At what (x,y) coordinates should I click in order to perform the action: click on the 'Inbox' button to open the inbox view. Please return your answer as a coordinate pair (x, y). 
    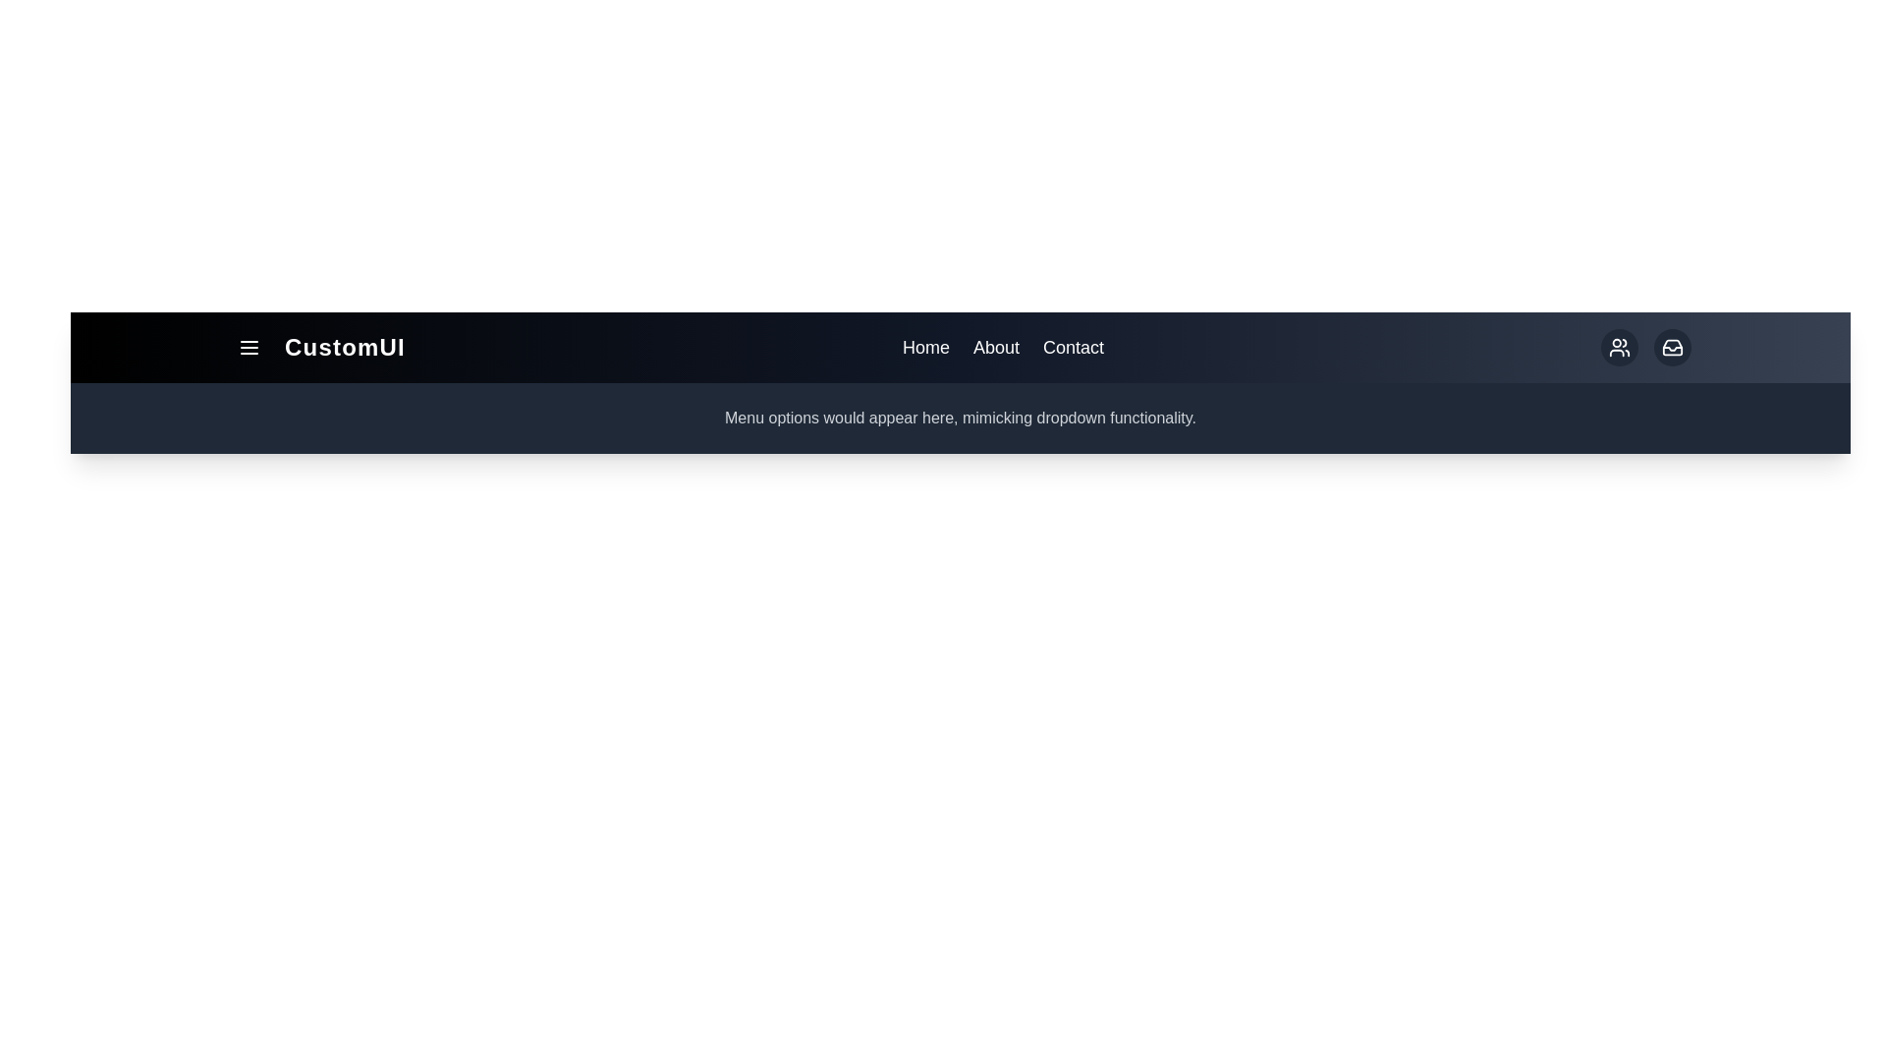
    Looking at the image, I should click on (1672, 347).